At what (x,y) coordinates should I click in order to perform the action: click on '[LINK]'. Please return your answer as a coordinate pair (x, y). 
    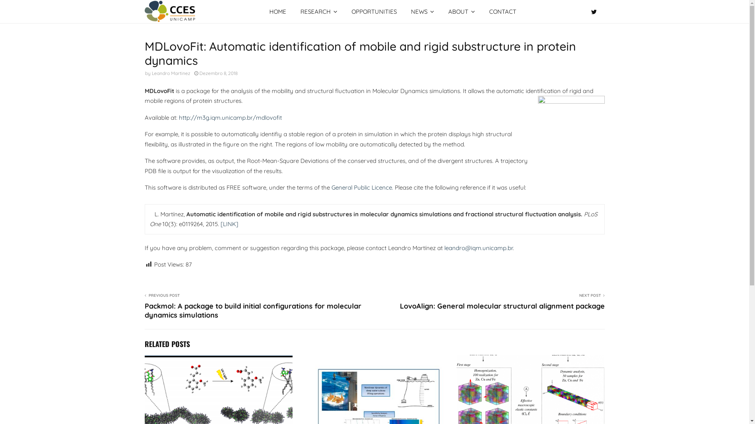
    Looking at the image, I should click on (228, 224).